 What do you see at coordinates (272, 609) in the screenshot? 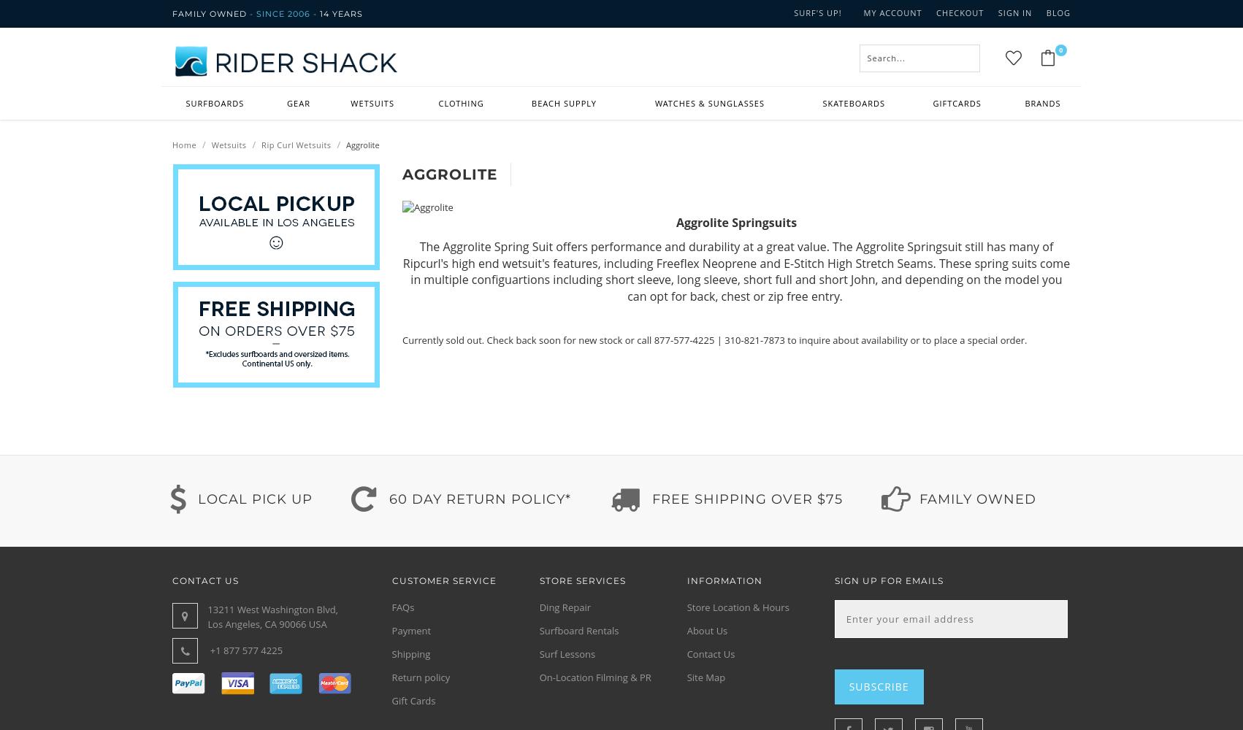
I see `'13211 West Washington Blvd,'` at bounding box center [272, 609].